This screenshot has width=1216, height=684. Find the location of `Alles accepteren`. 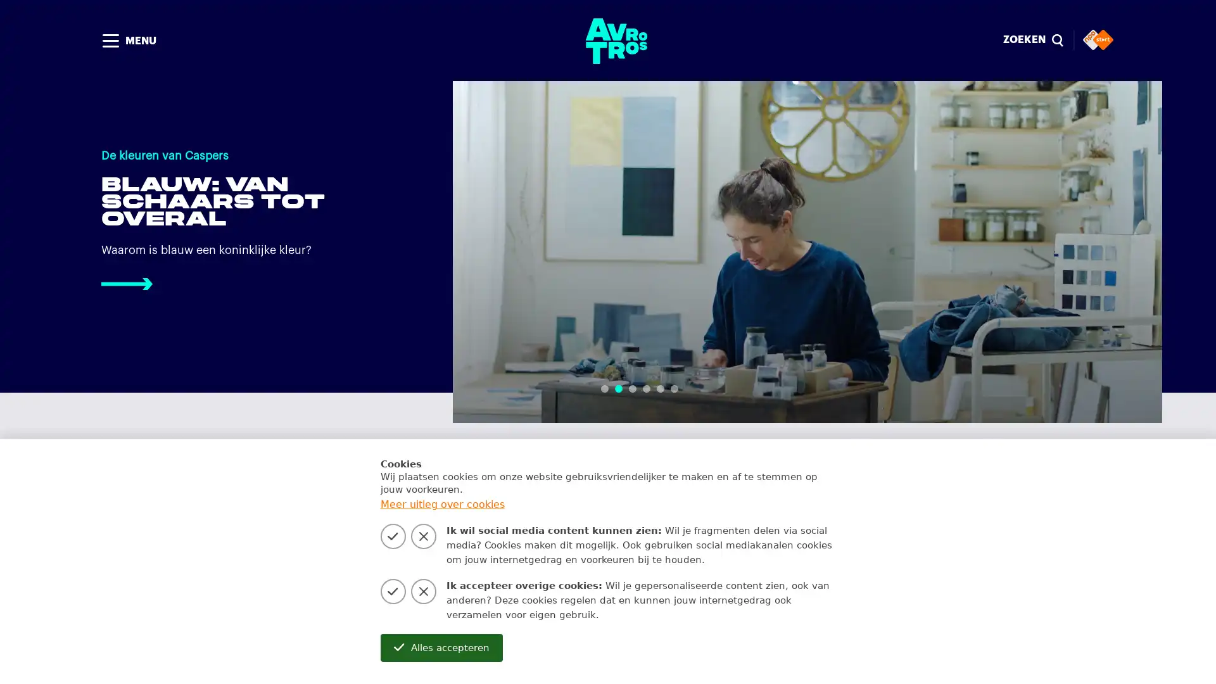

Alles accepteren is located at coordinates (441, 647).